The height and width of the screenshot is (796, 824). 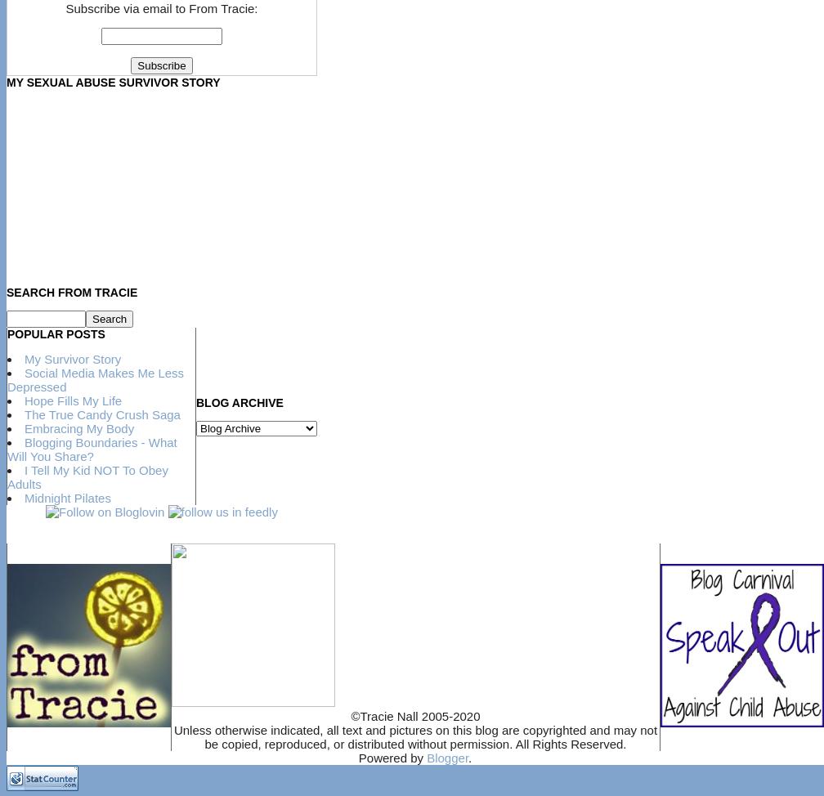 I want to click on 'Popular Posts', so click(x=7, y=333).